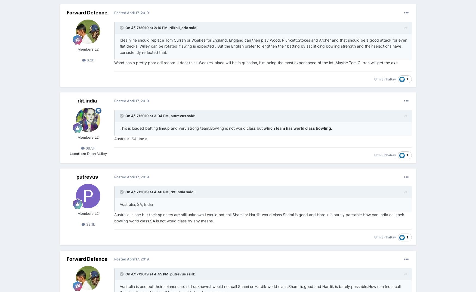 This screenshot has height=292, width=476. Describe the element at coordinates (119, 46) in the screenshot. I see `'Ideally he should replace Tom Curran or Woakes for England. England can then play Wood, Plunkett,Stokes and Archer and that should be a good attack for even flat decks. Willey can be rotated if swing is expected . But the English prefer to lengthen their batting by sacrificing bowling strength and their selections have consistently reflected that.'` at that location.